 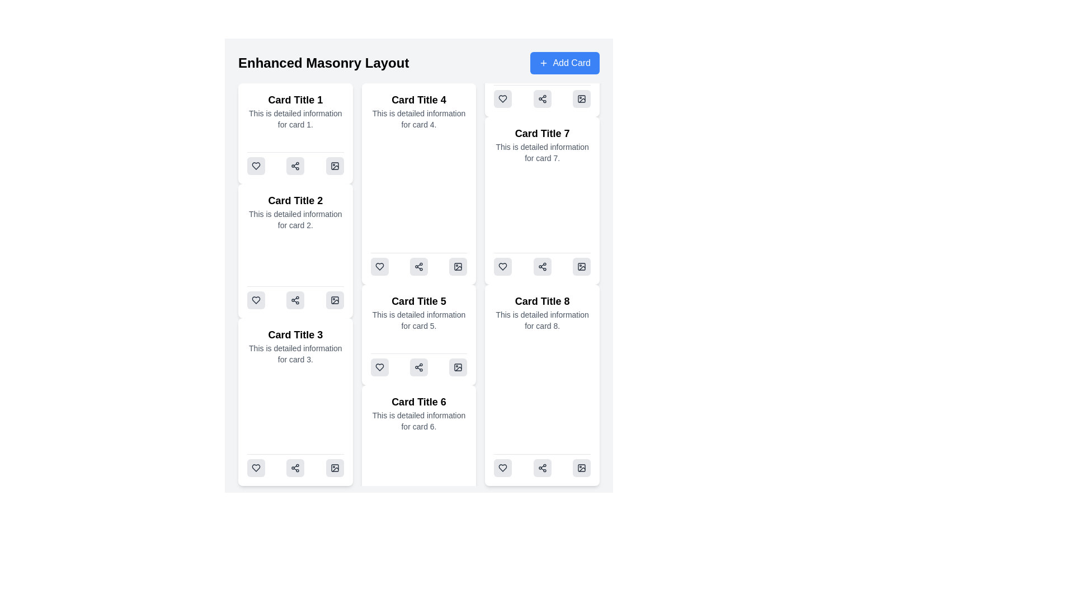 I want to click on the heart-shaped interactive vector icon located at the bottom section of the card titled 'Card Title 3', so click(x=255, y=468).